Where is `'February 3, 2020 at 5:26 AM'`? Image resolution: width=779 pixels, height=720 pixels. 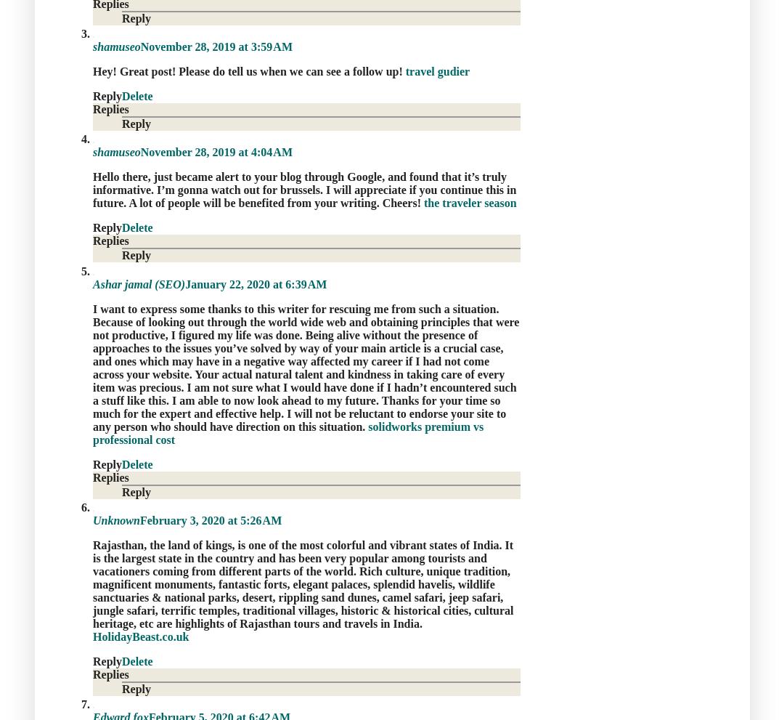
'February 3, 2020 at 5:26 AM' is located at coordinates (139, 519).